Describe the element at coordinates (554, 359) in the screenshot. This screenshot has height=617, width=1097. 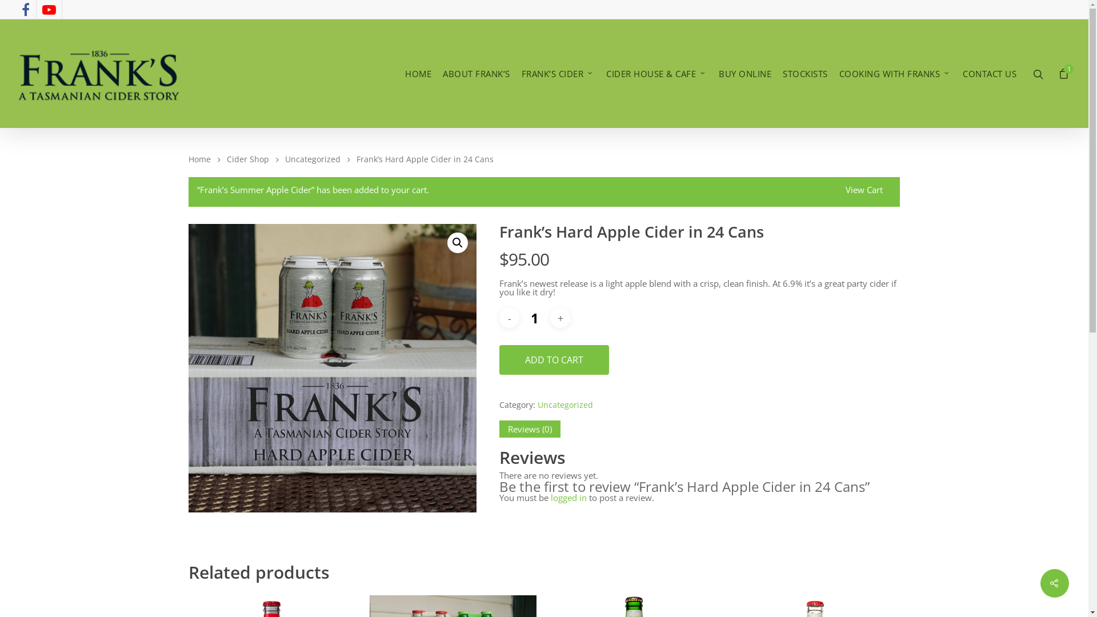
I see `'ADD TO CART'` at that location.